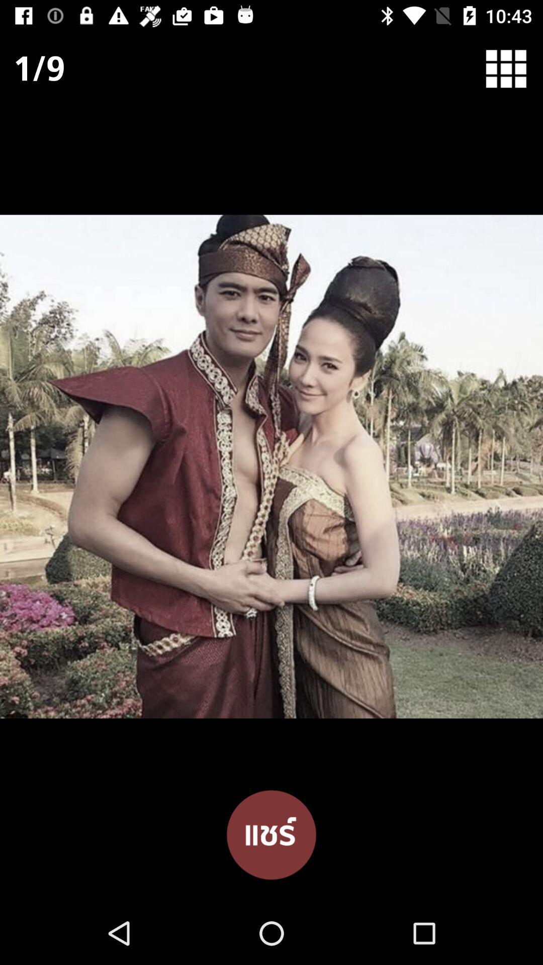 This screenshot has height=965, width=543. I want to click on item at the top right corner, so click(512, 68).